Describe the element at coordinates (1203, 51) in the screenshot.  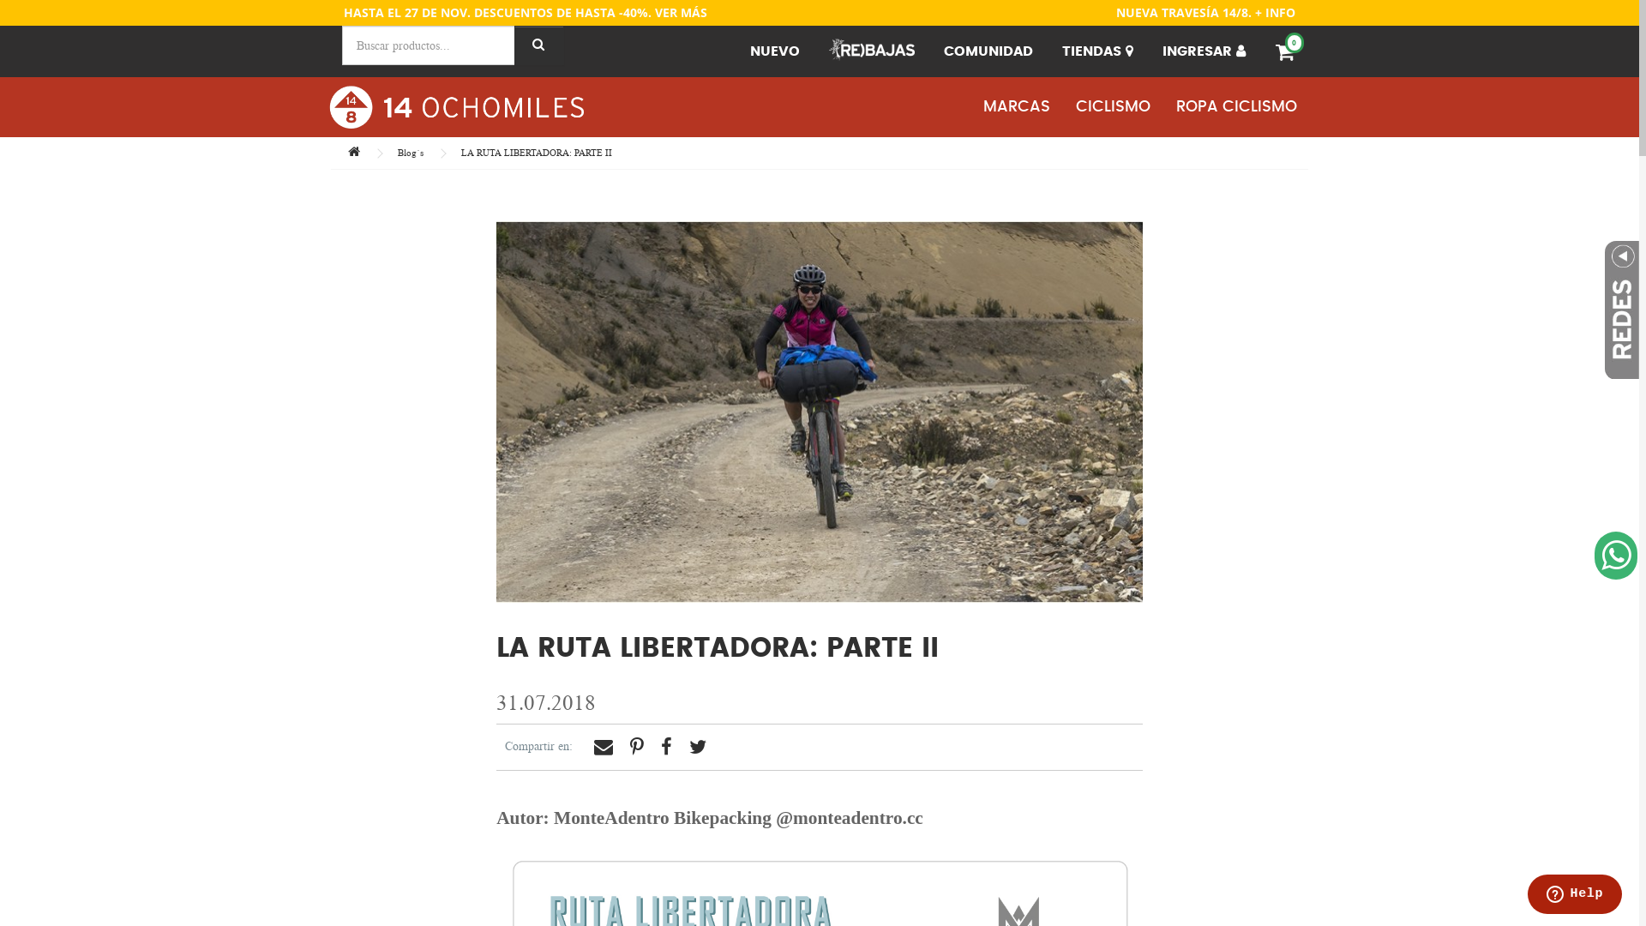
I see `'INGRESAR'` at that location.